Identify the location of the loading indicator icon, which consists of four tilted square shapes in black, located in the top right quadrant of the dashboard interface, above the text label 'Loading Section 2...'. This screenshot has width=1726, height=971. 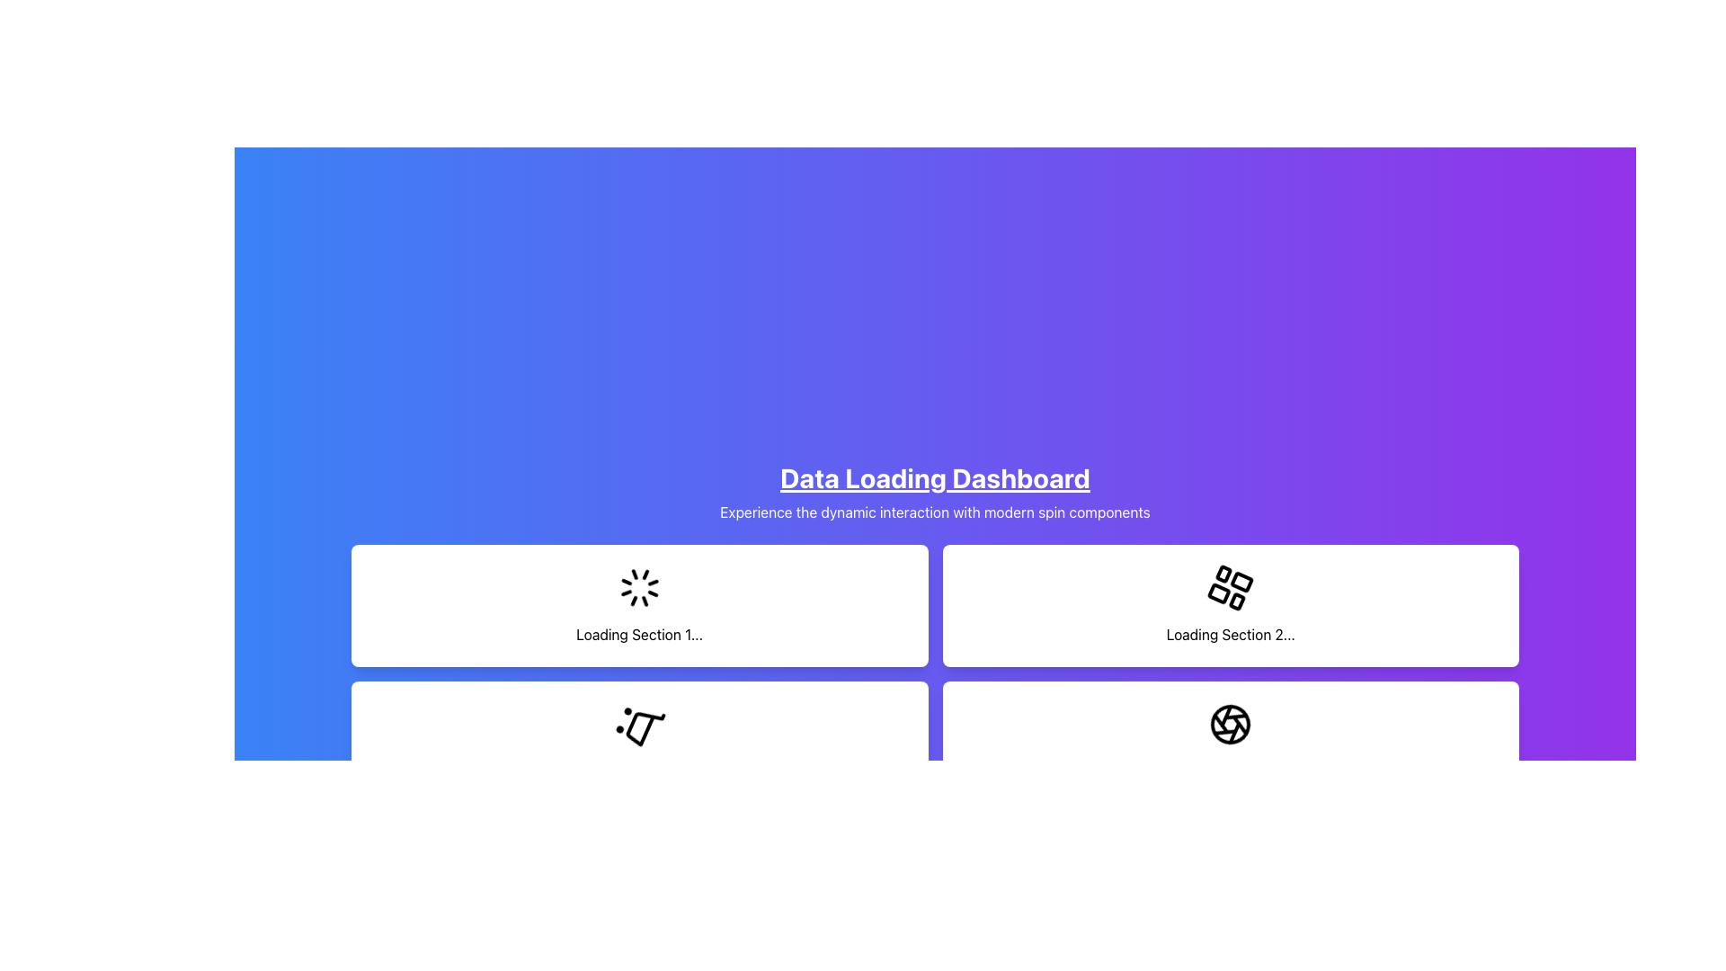
(1230, 588).